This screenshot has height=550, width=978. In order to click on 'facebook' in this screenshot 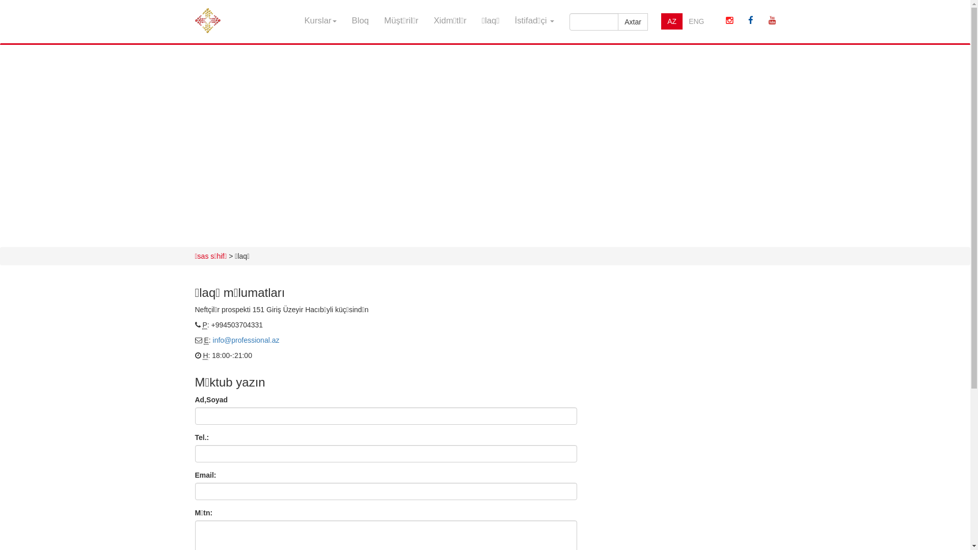, I will do `click(750, 21)`.